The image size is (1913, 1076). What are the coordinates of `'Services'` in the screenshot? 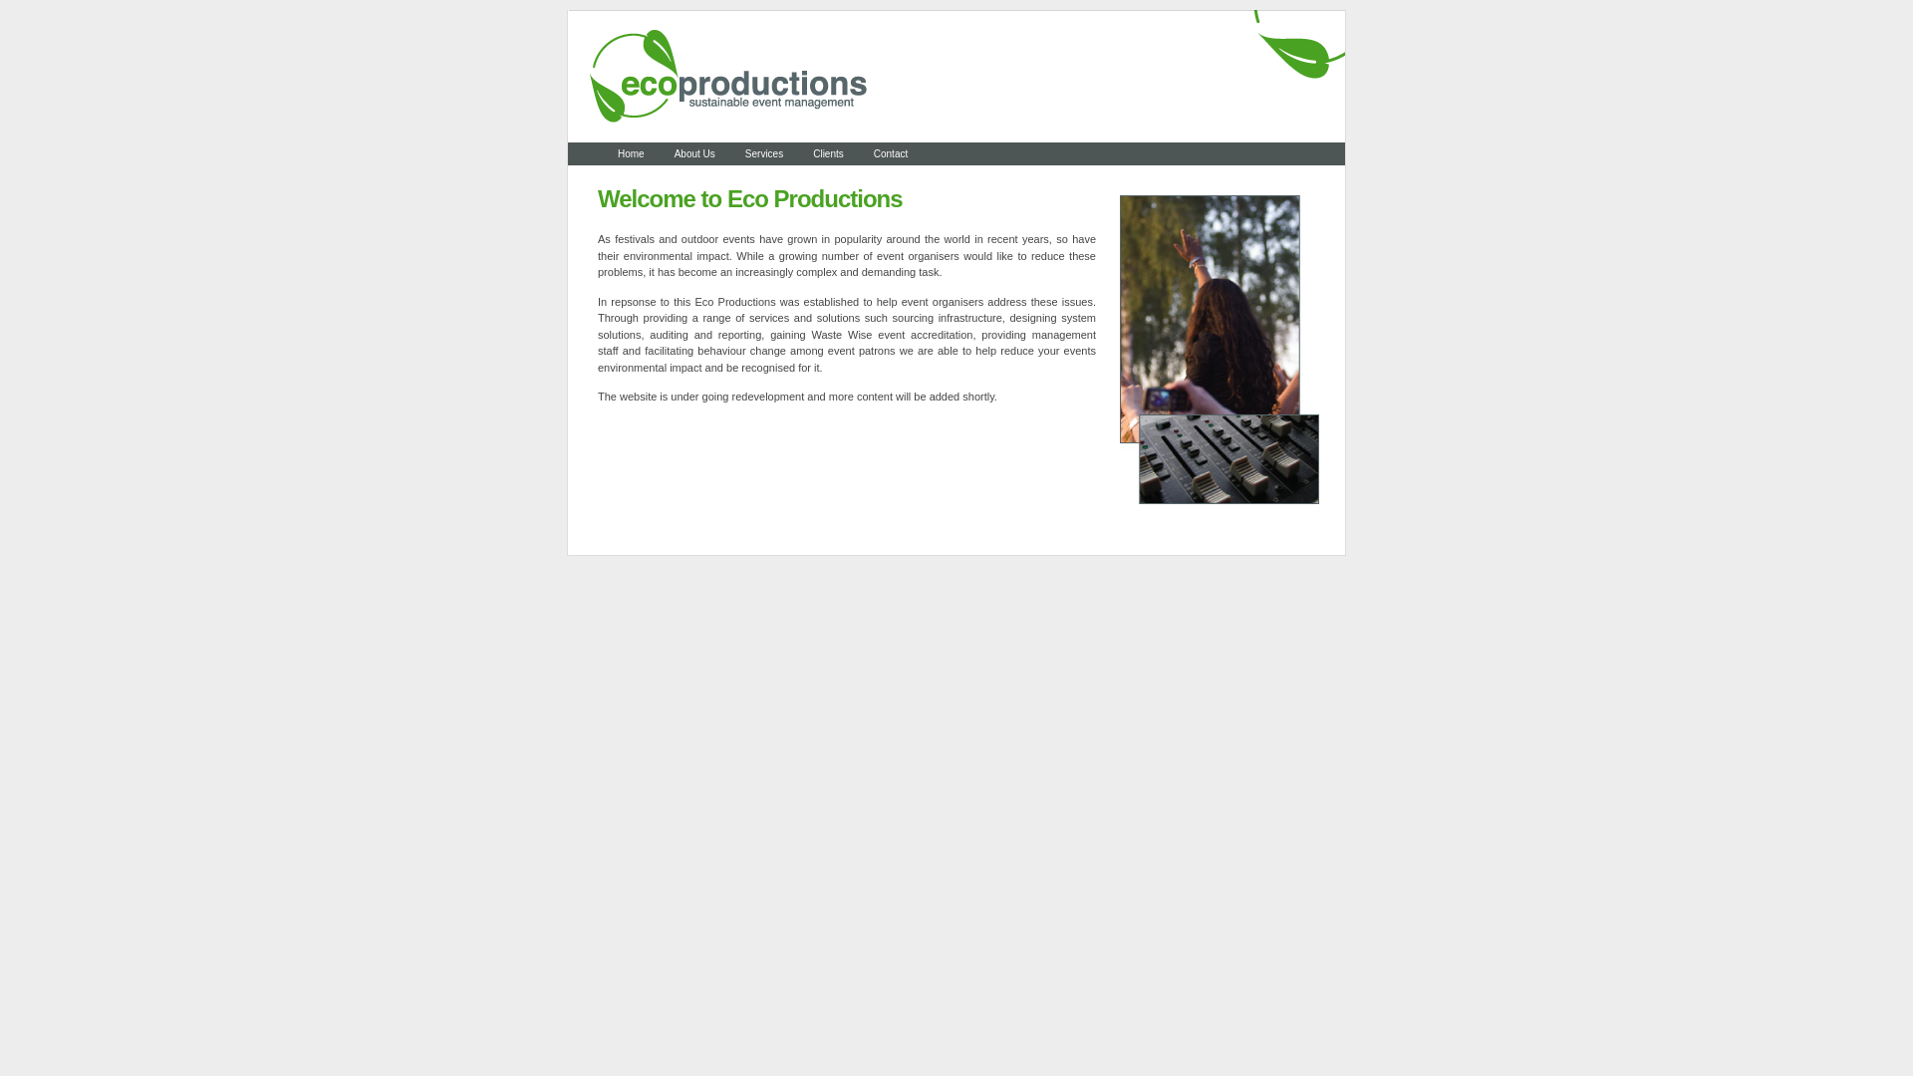 It's located at (763, 152).